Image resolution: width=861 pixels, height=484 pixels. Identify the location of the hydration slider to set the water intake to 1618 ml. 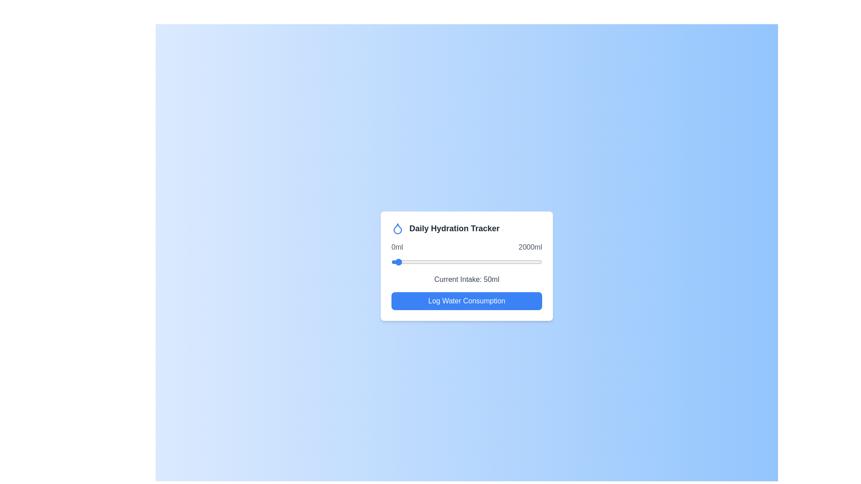
(513, 262).